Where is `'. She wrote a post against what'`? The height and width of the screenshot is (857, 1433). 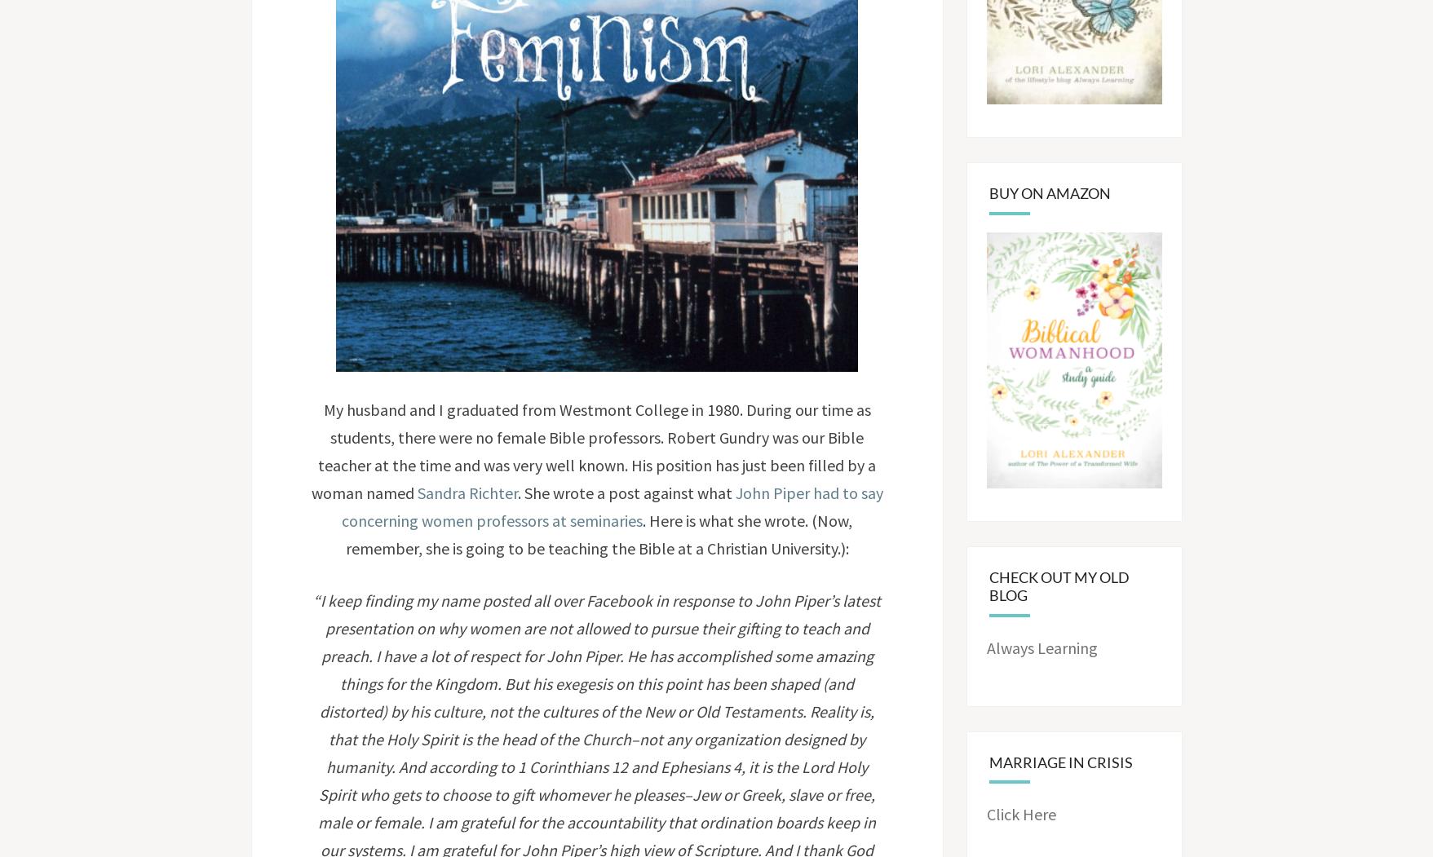
'. She wrote a post against what' is located at coordinates (626, 493).